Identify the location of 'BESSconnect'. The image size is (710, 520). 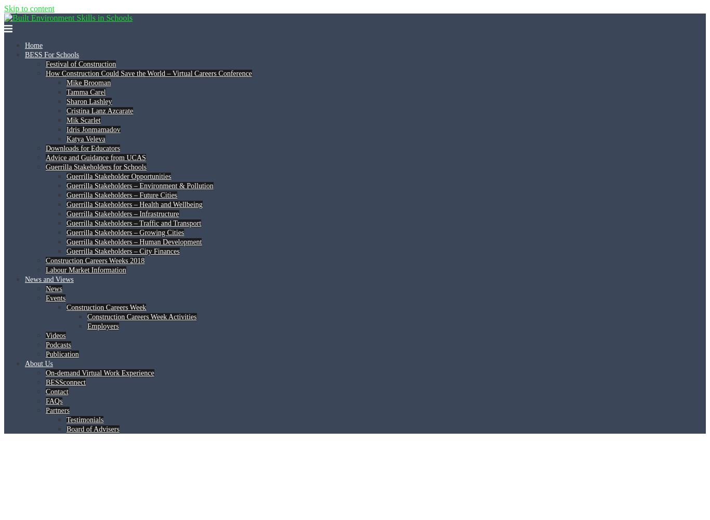
(65, 382).